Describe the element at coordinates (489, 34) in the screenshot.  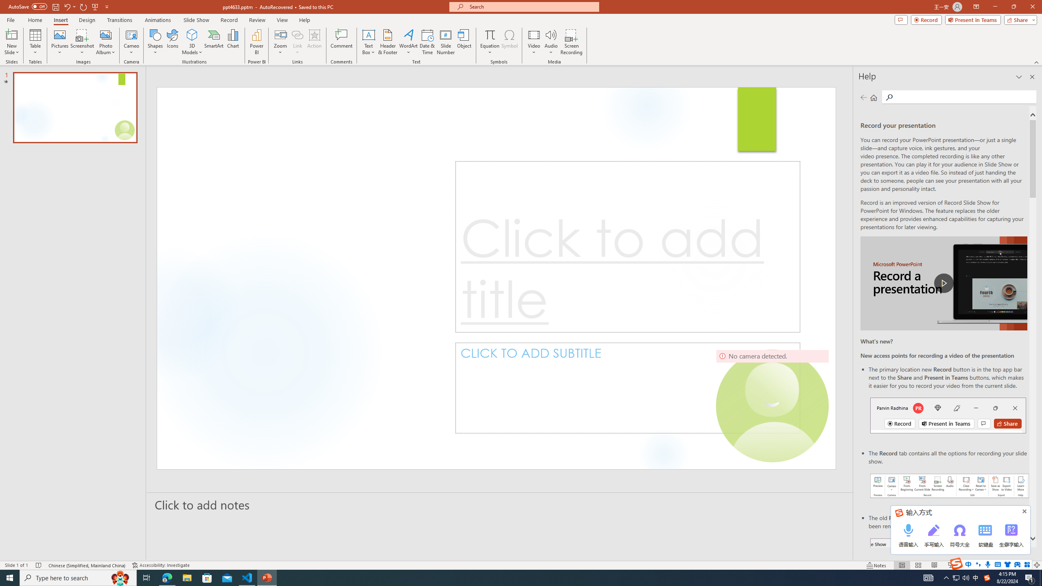
I see `'Equation'` at that location.